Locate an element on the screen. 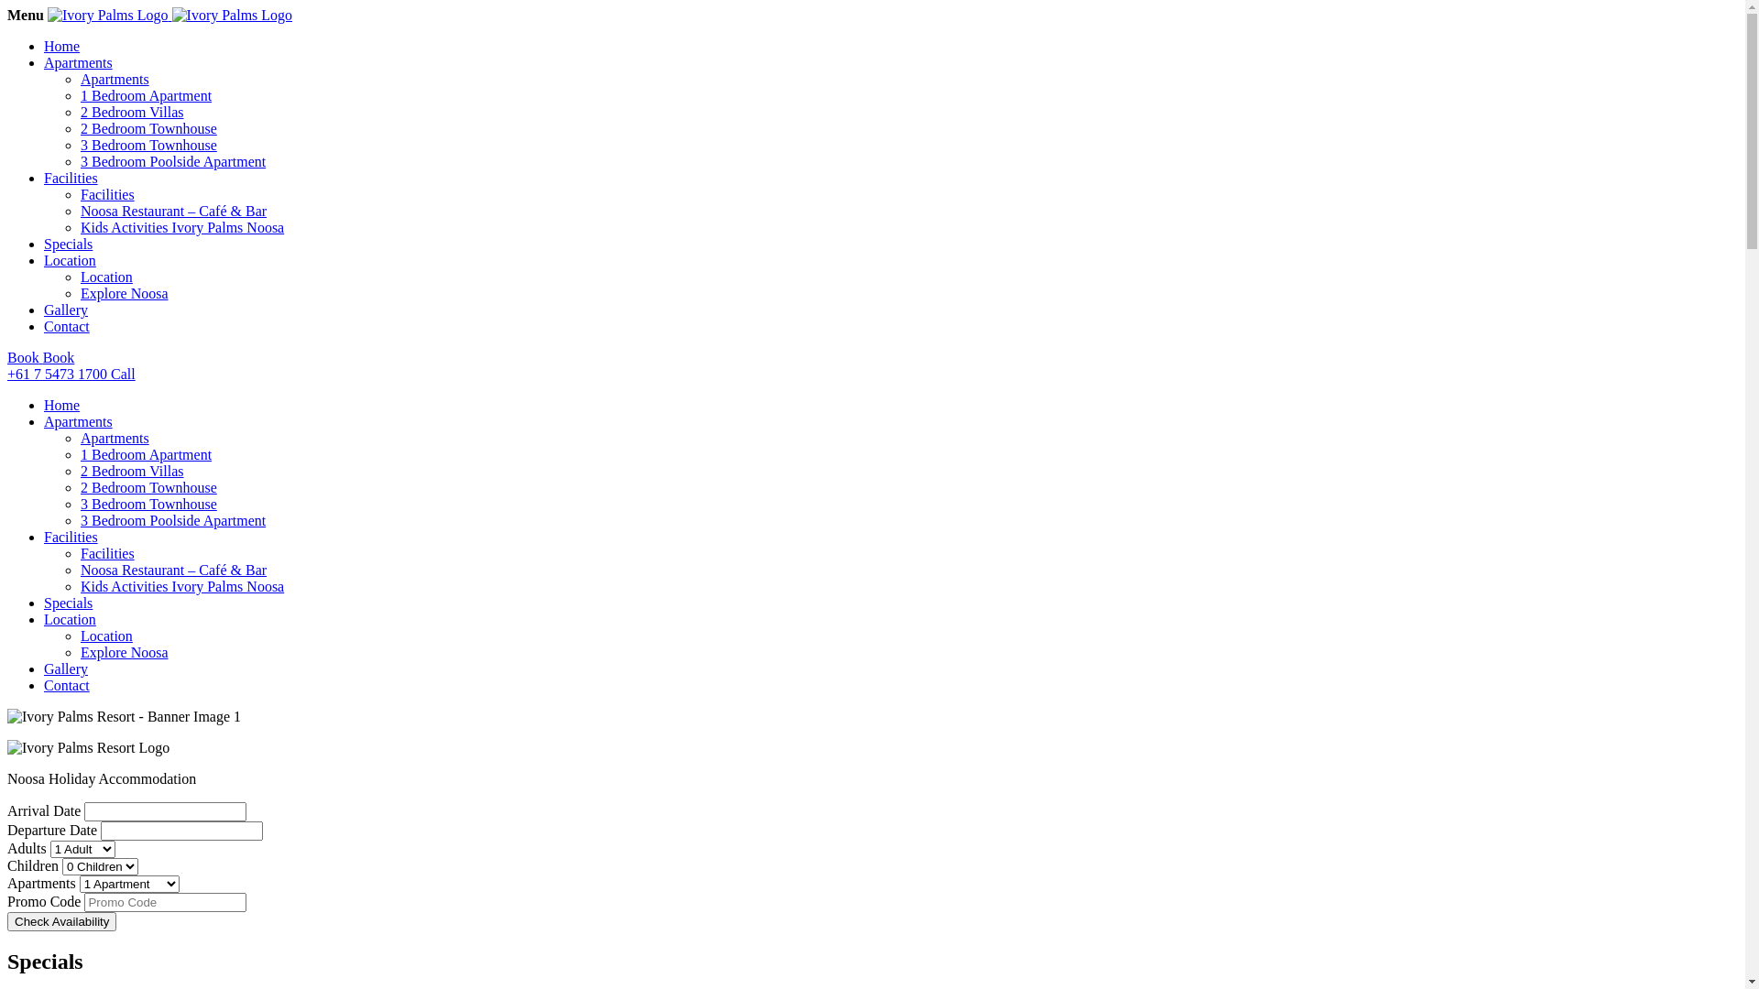 The image size is (1759, 989). 'Gallery' is located at coordinates (44, 309).